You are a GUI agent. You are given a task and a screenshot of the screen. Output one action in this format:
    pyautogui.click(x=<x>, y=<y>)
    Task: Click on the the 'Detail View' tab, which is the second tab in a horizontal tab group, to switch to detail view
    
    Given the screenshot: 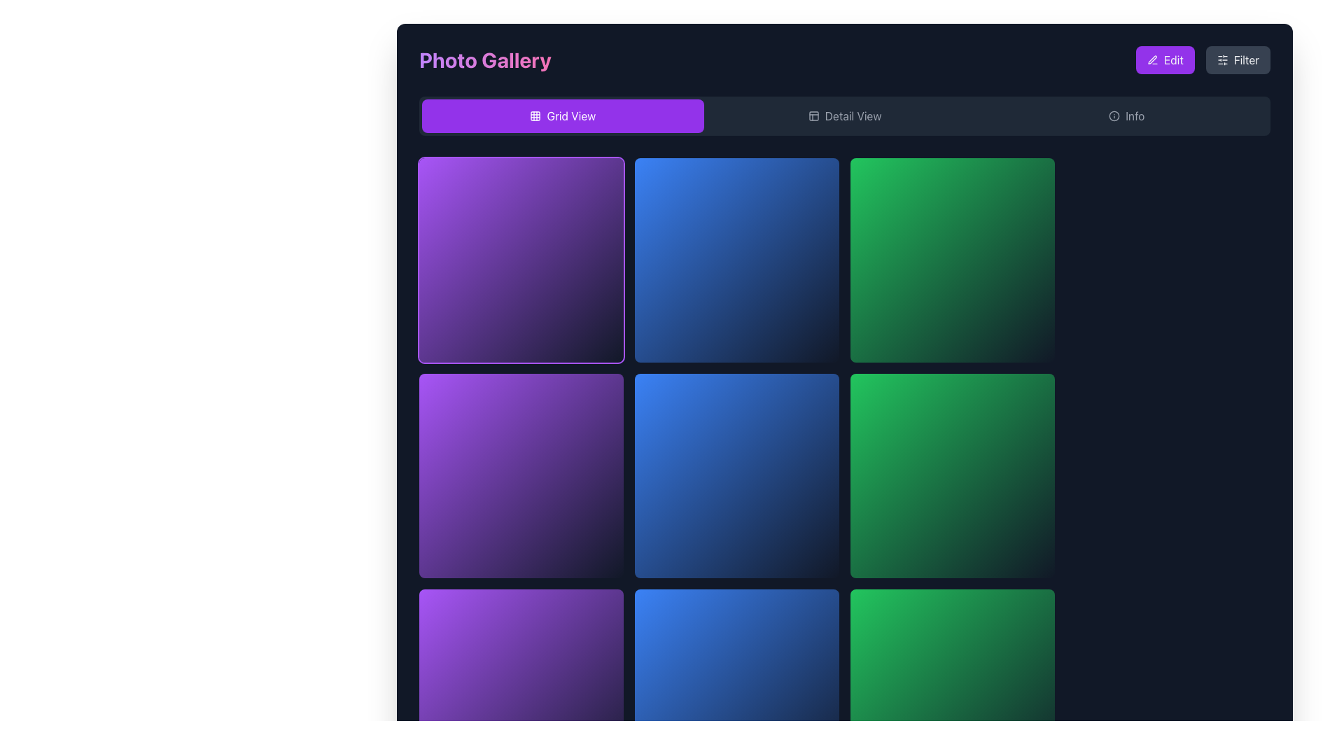 What is the action you would take?
    pyautogui.click(x=853, y=115)
    